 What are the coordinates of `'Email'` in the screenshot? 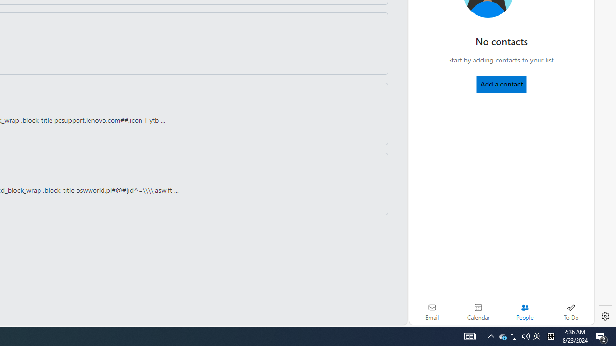 It's located at (432, 311).